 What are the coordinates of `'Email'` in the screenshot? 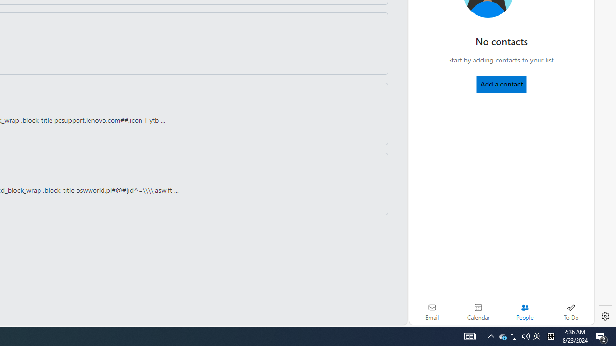 It's located at (432, 311).